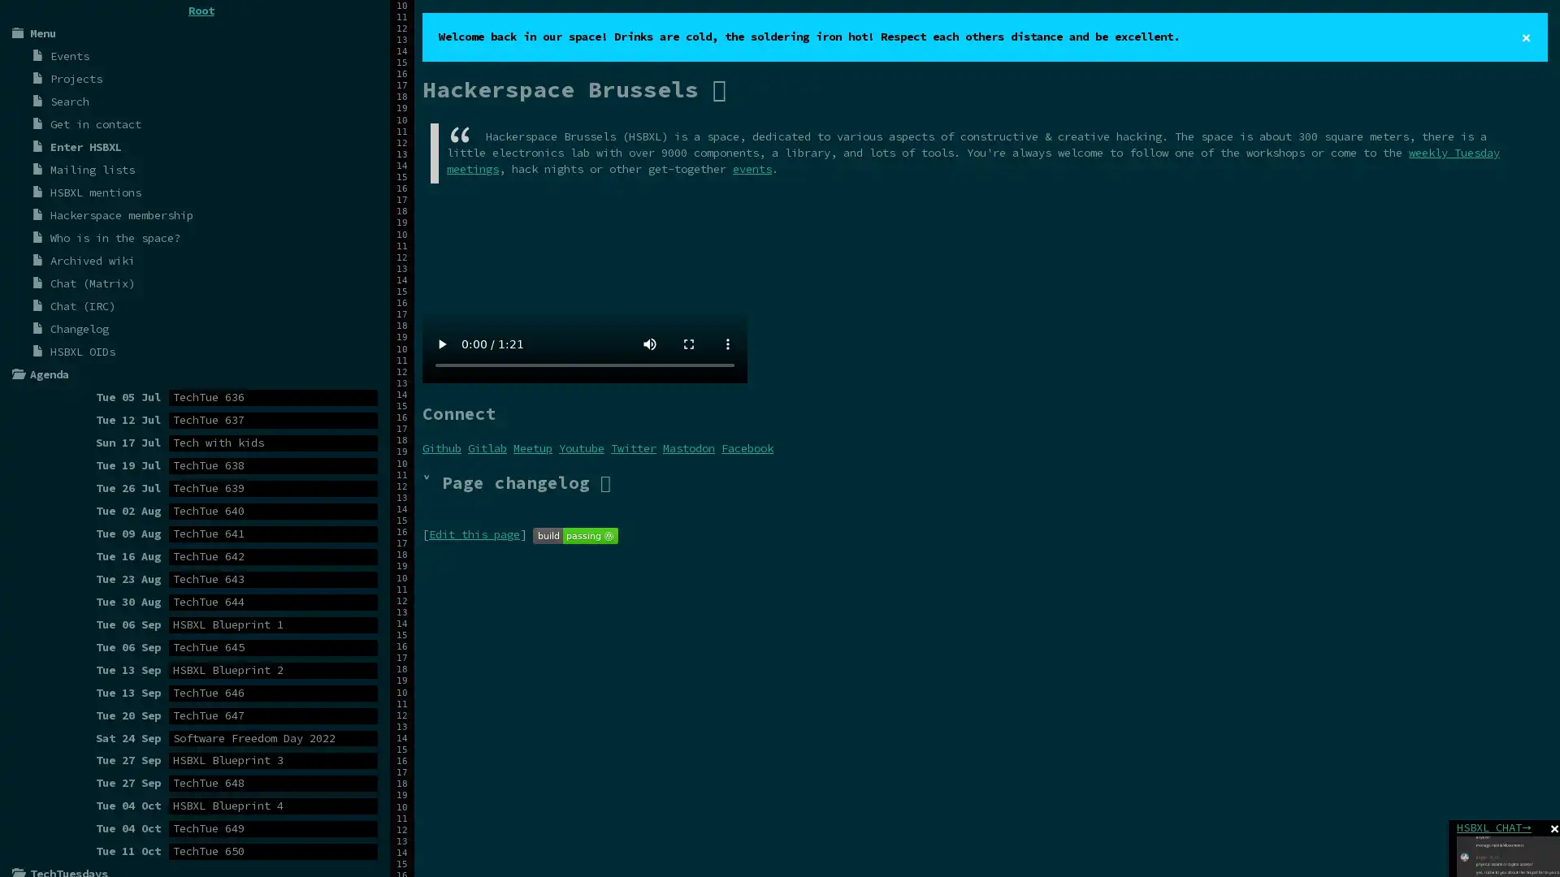  Describe the element at coordinates (727, 343) in the screenshot. I see `show more media controls` at that location.